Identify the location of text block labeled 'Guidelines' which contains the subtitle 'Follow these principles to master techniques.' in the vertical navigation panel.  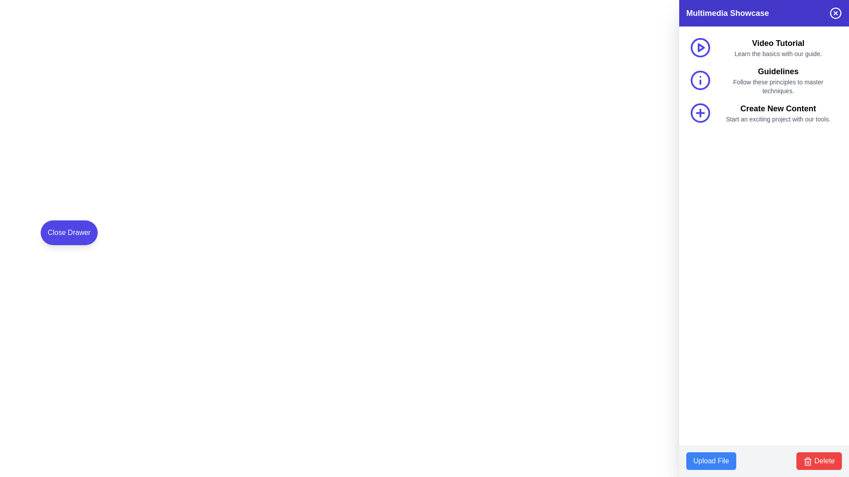
(778, 80).